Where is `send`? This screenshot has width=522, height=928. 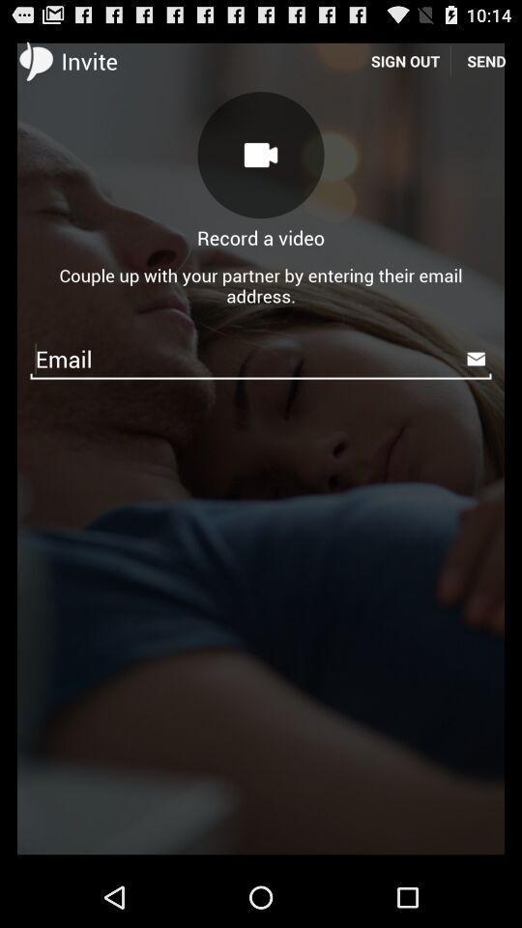
send is located at coordinates (485, 60).